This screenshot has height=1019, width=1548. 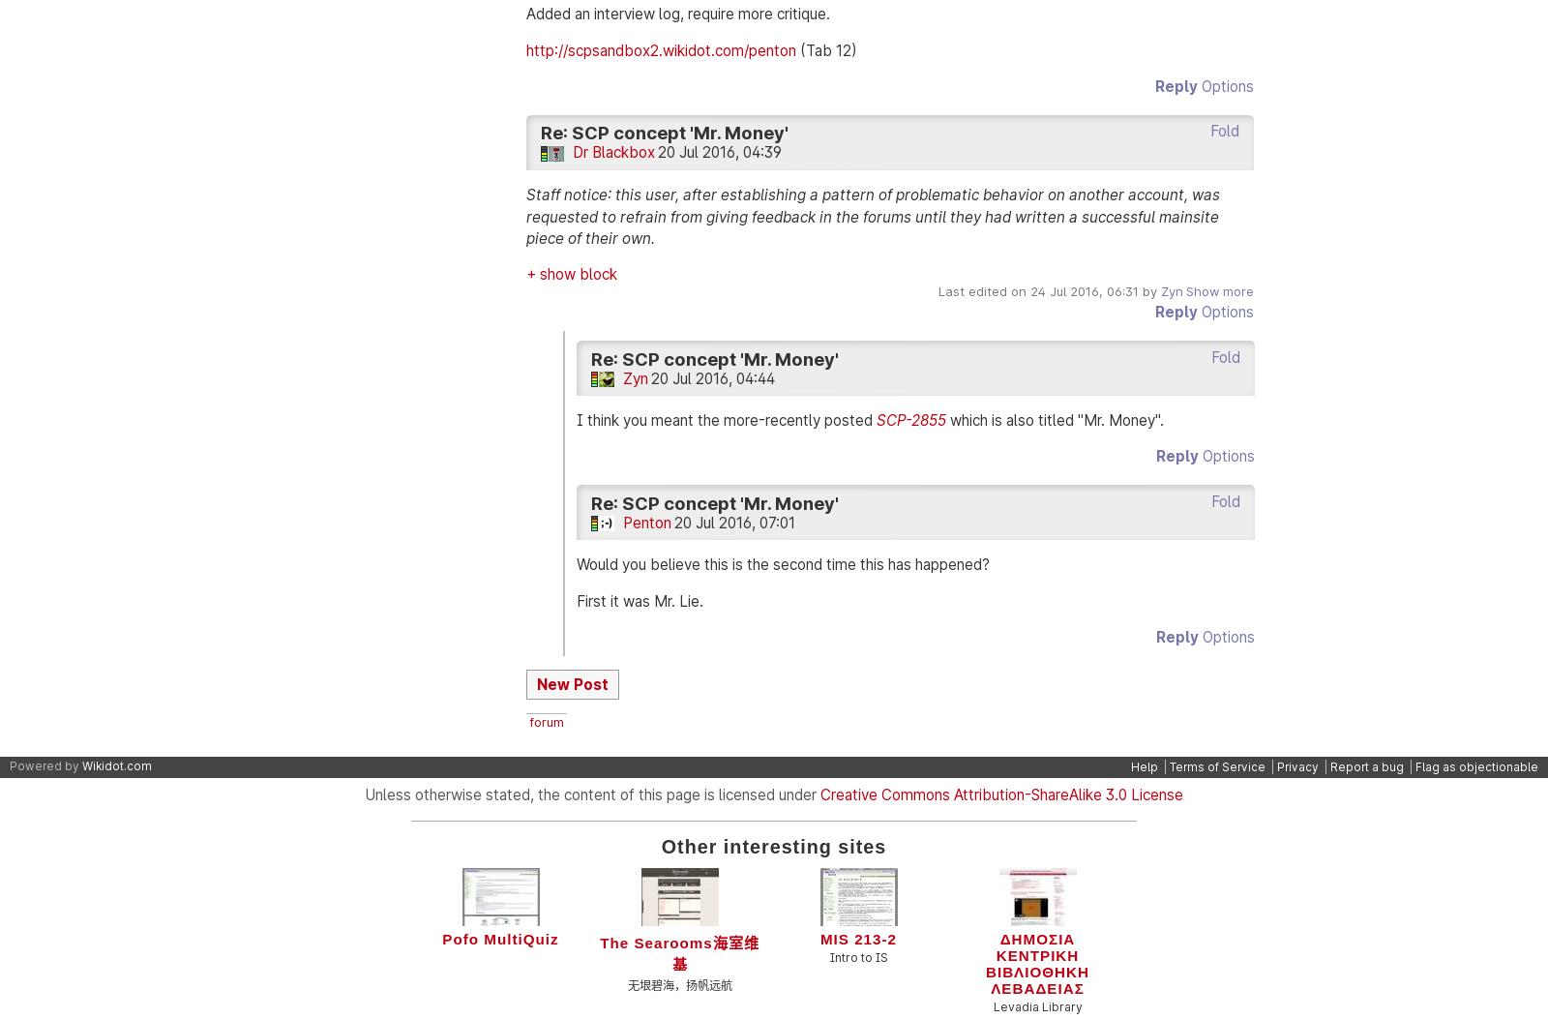 I want to click on 'which is also titled "Mr. Money".', so click(x=1055, y=419).